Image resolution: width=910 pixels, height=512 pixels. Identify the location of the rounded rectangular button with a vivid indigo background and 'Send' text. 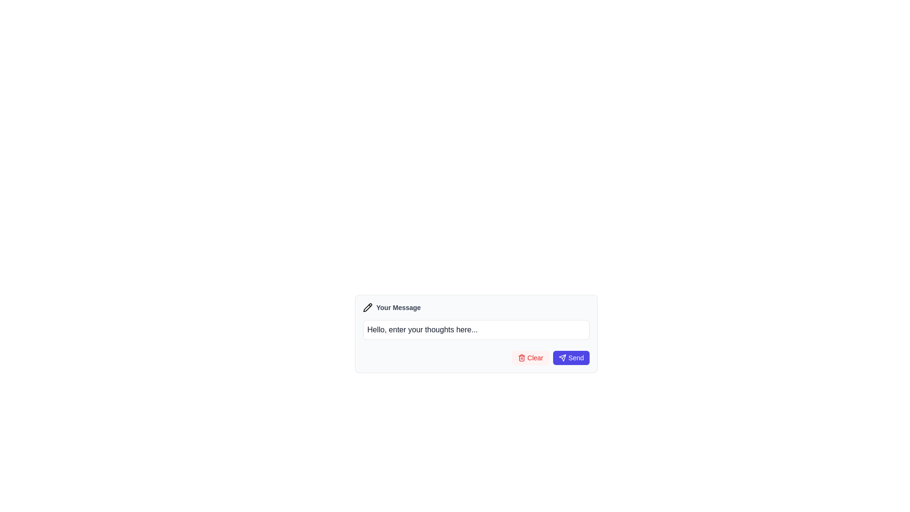
(571, 358).